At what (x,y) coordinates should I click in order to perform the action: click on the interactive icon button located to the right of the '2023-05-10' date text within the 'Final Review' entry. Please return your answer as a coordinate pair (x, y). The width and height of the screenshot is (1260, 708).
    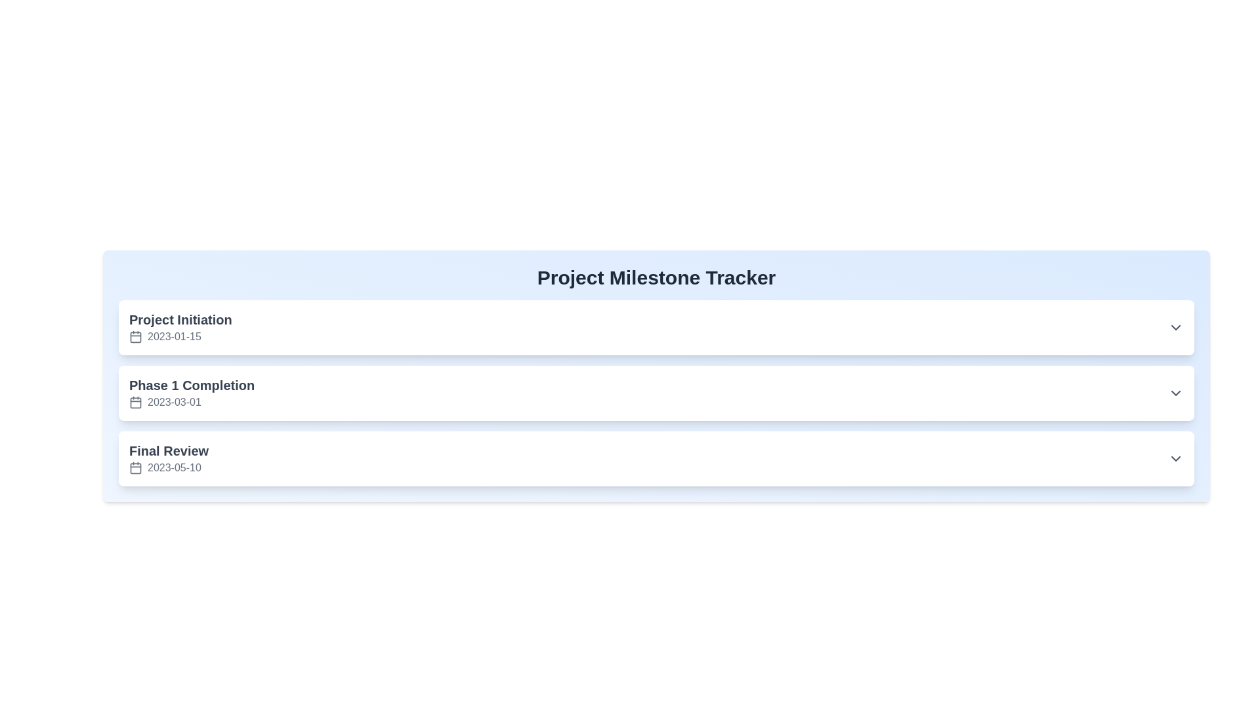
    Looking at the image, I should click on (1175, 458).